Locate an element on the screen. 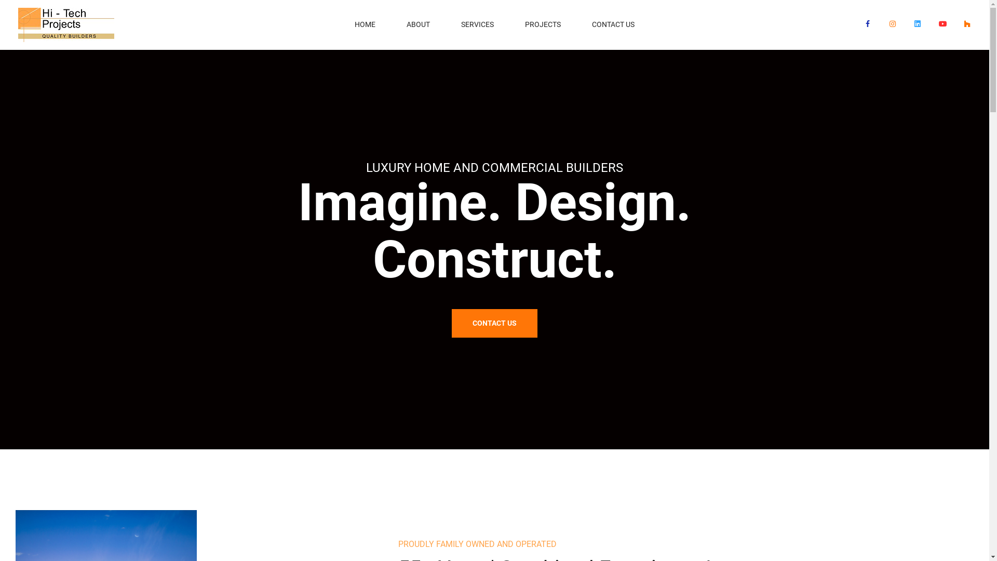  'PROJECTS' is located at coordinates (542, 24).